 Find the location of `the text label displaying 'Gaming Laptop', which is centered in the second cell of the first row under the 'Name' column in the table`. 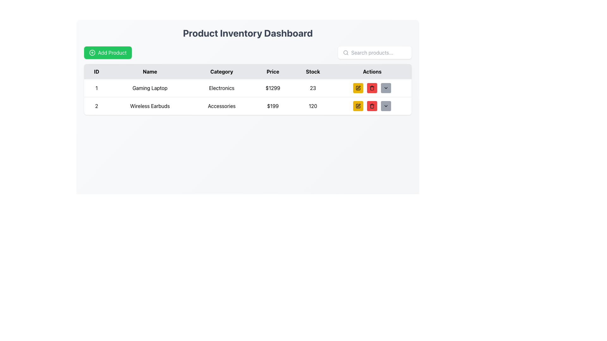

the text label displaying 'Gaming Laptop', which is centered in the second cell of the first row under the 'Name' column in the table is located at coordinates (150, 88).